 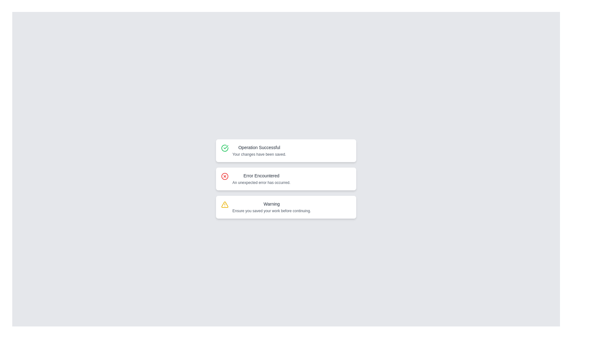 I want to click on the visual appearance of the small triangular warning icon with a yellow border, which is located at the bottom of the stack of status messages within the warning message card, so click(x=225, y=204).